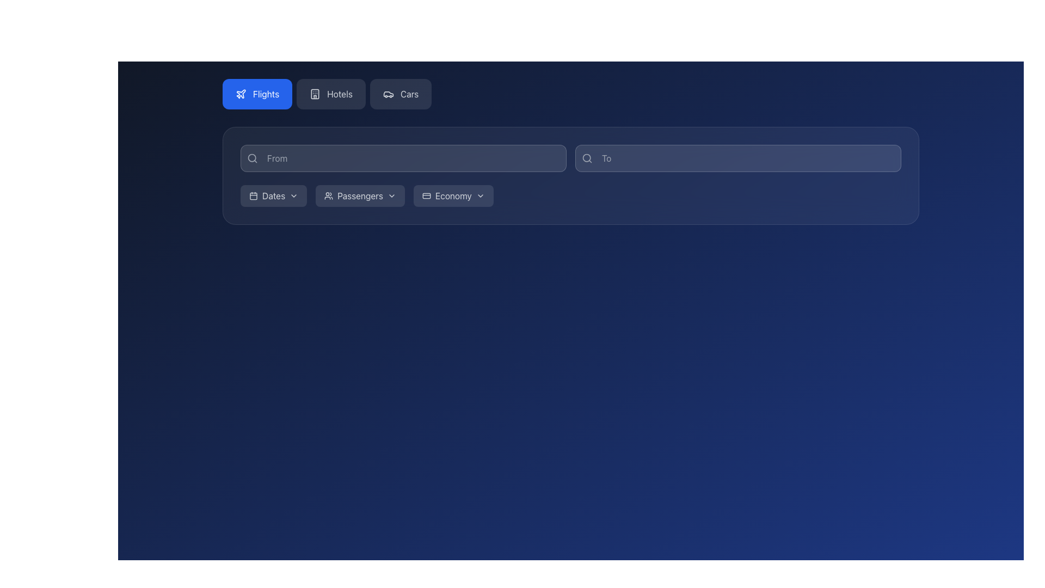 Image resolution: width=1045 pixels, height=588 pixels. Describe the element at coordinates (586, 158) in the screenshot. I see `the central circle of the search icon, which represents a magnifying glass and is located to the left of the 'To' input field in the search bar` at that location.